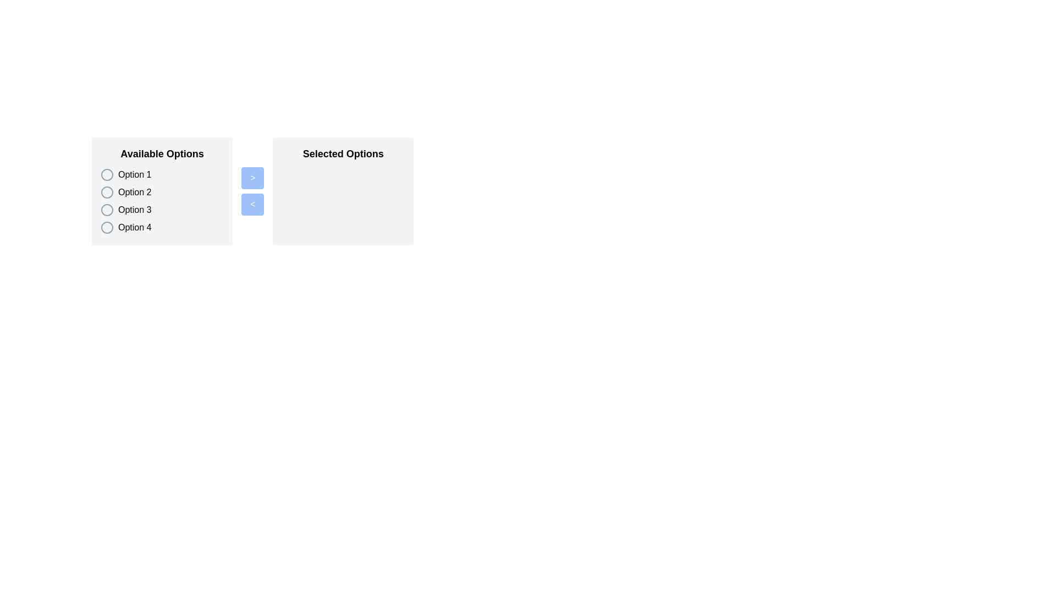 This screenshot has height=594, width=1056. Describe the element at coordinates (161, 190) in the screenshot. I see `the radio option labeled 'Option 2' under the 'Available Options' section, which is styled with a large bold font and is the second selectable option in the list` at that location.